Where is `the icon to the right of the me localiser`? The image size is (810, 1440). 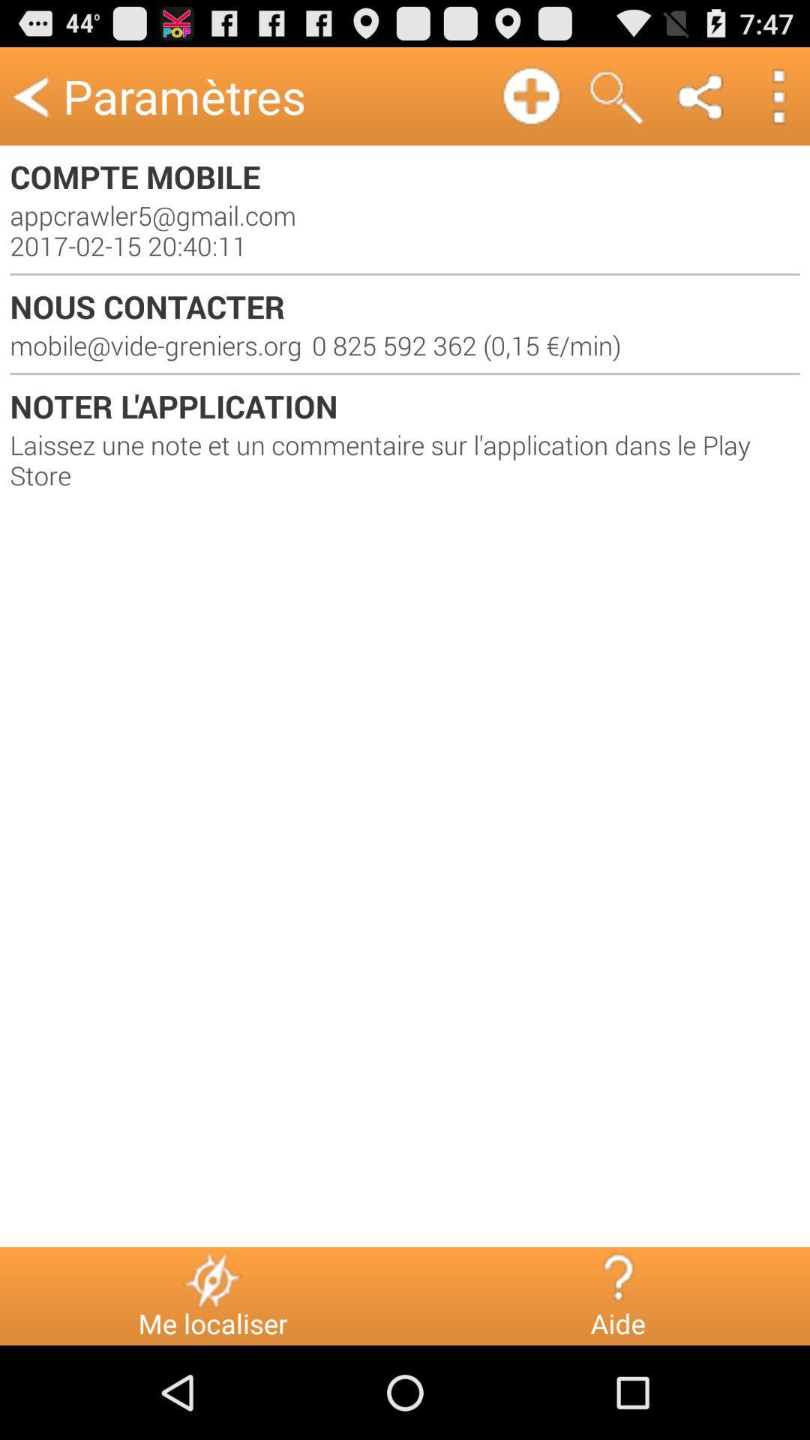
the icon to the right of the me localiser is located at coordinates (617, 1279).